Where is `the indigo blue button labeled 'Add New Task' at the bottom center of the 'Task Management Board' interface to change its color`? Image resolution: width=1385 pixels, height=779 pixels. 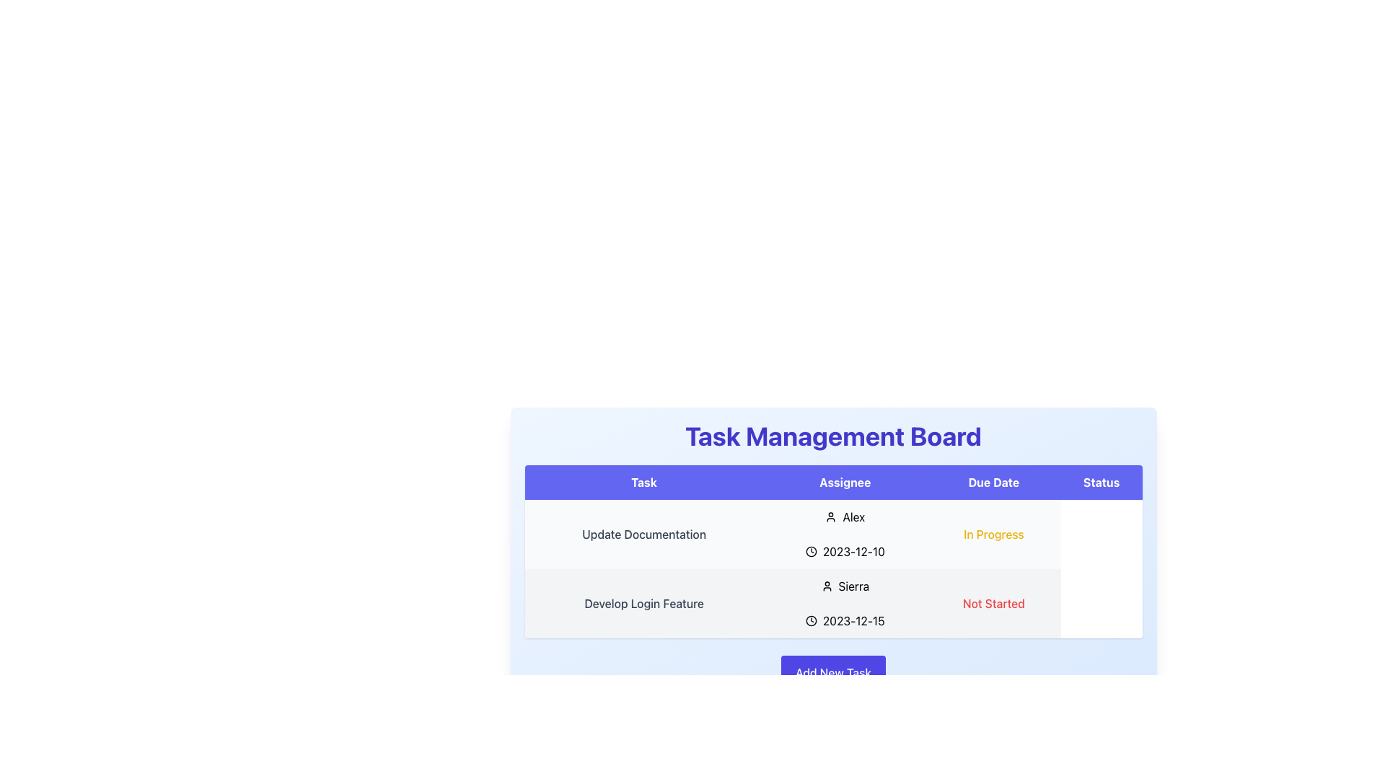 the indigo blue button labeled 'Add New Task' at the bottom center of the 'Task Management Board' interface to change its color is located at coordinates (833, 673).